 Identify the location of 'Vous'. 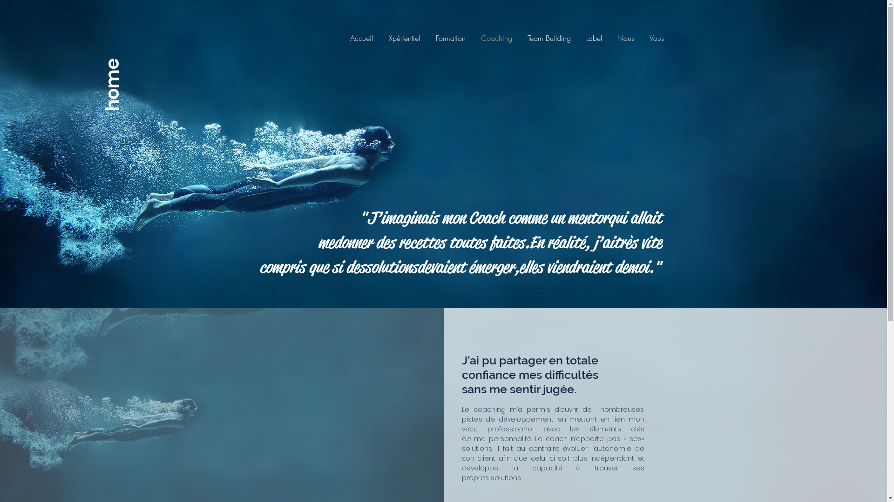
(641, 37).